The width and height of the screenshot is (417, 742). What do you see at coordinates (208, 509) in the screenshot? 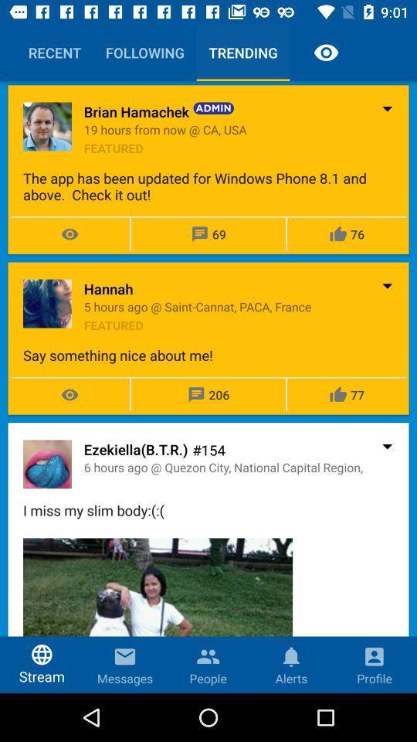
I see `i miss my icon` at bounding box center [208, 509].